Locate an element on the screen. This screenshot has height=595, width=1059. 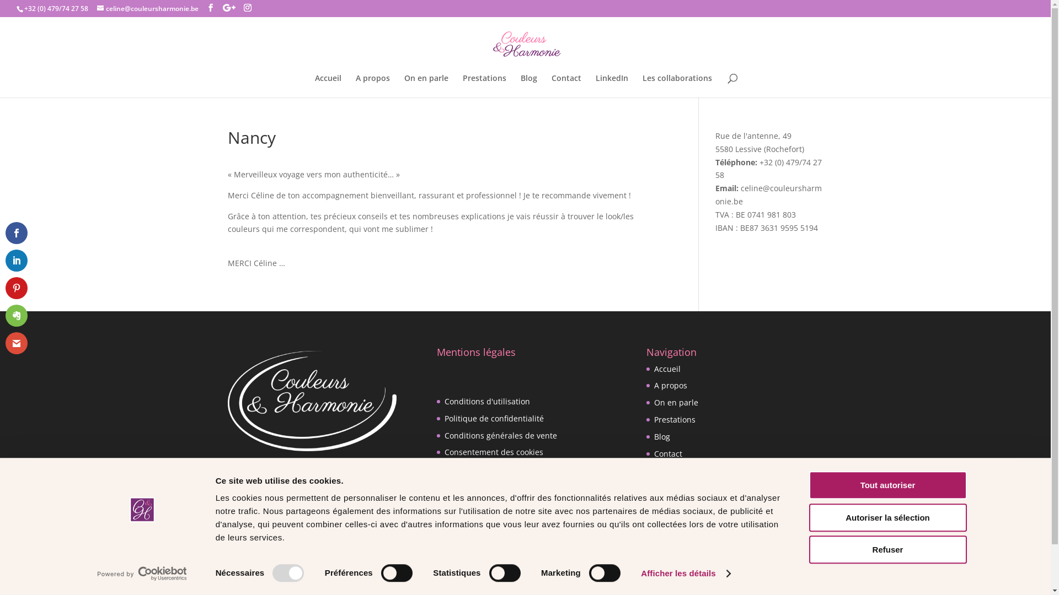
'Prestations' is located at coordinates (484, 85).